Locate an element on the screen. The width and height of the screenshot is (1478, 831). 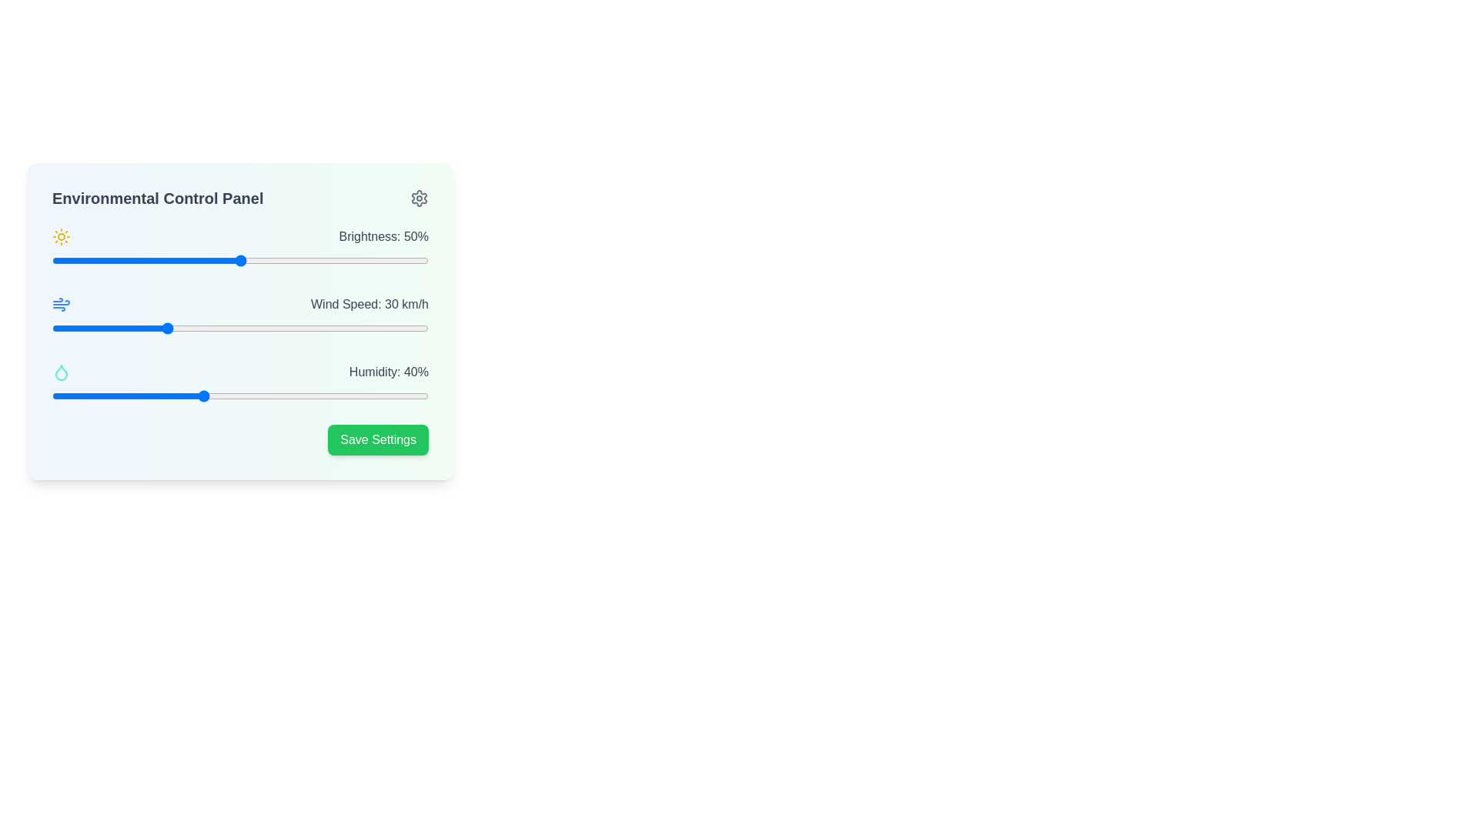
the gear icon located in the top-right corner of the 'Environmental Control Panel' is located at coordinates (420, 198).